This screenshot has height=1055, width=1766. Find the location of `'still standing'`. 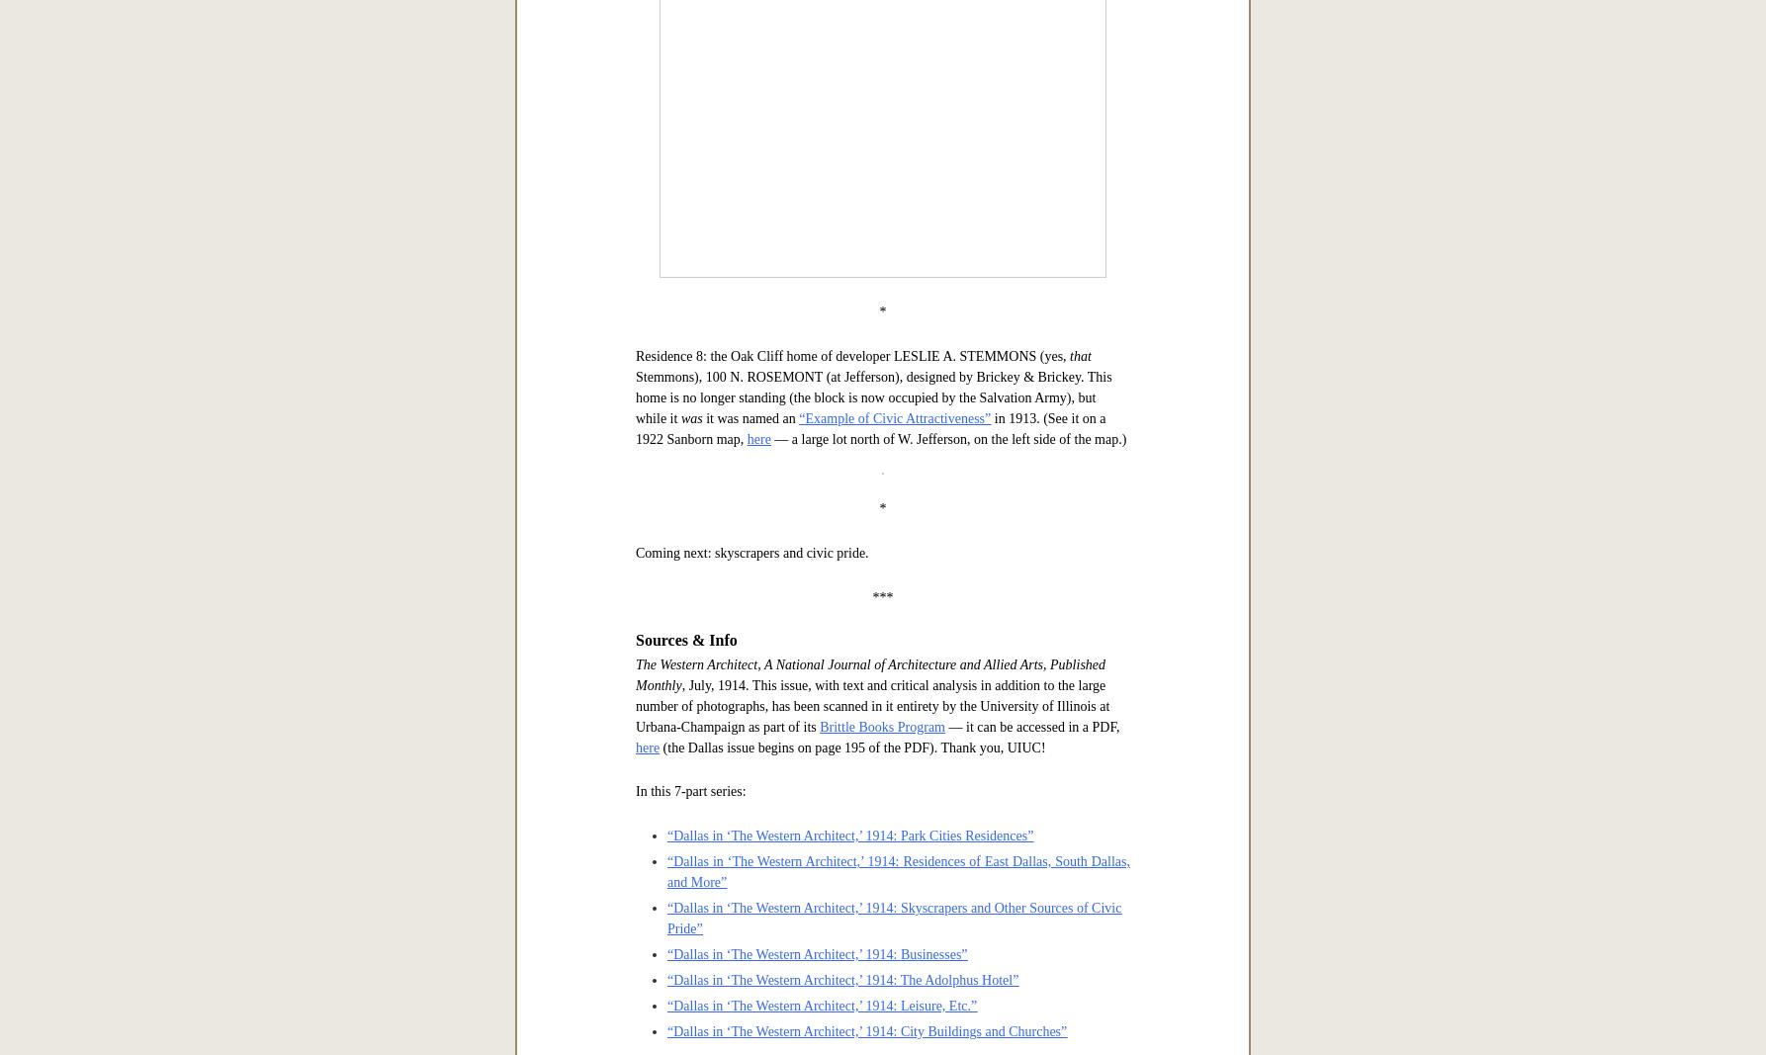

'still standing' is located at coordinates (670, 50).